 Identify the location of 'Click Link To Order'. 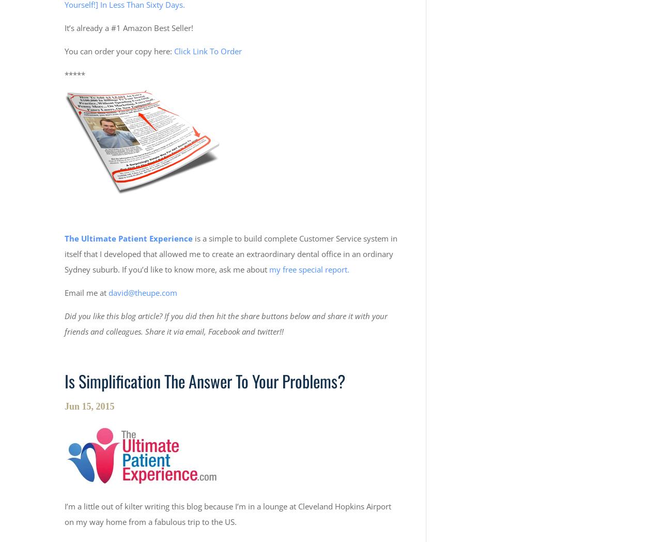
(208, 51).